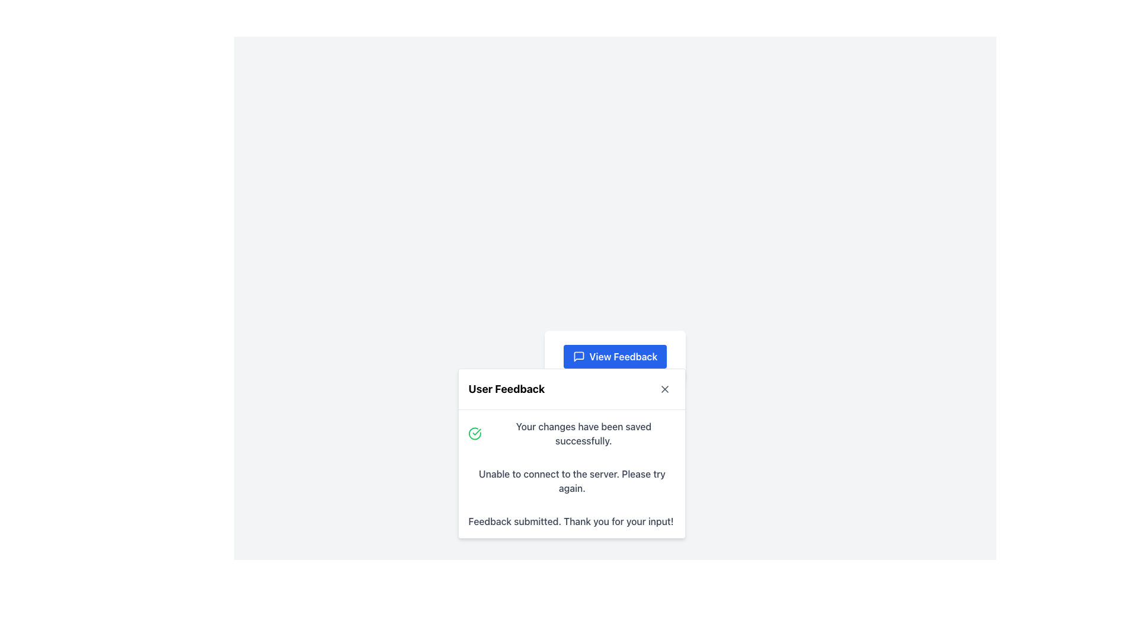 The image size is (1138, 640). I want to click on the close button in the top-right corner of the 'User Feedback' card to trigger a visual hover effect, so click(665, 389).